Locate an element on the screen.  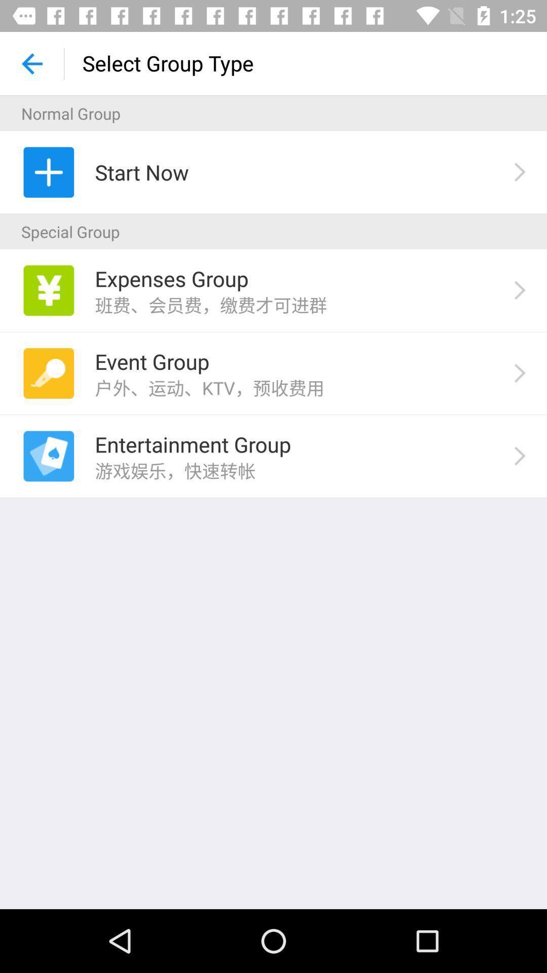
the right arrow beside start now is located at coordinates (520, 172).